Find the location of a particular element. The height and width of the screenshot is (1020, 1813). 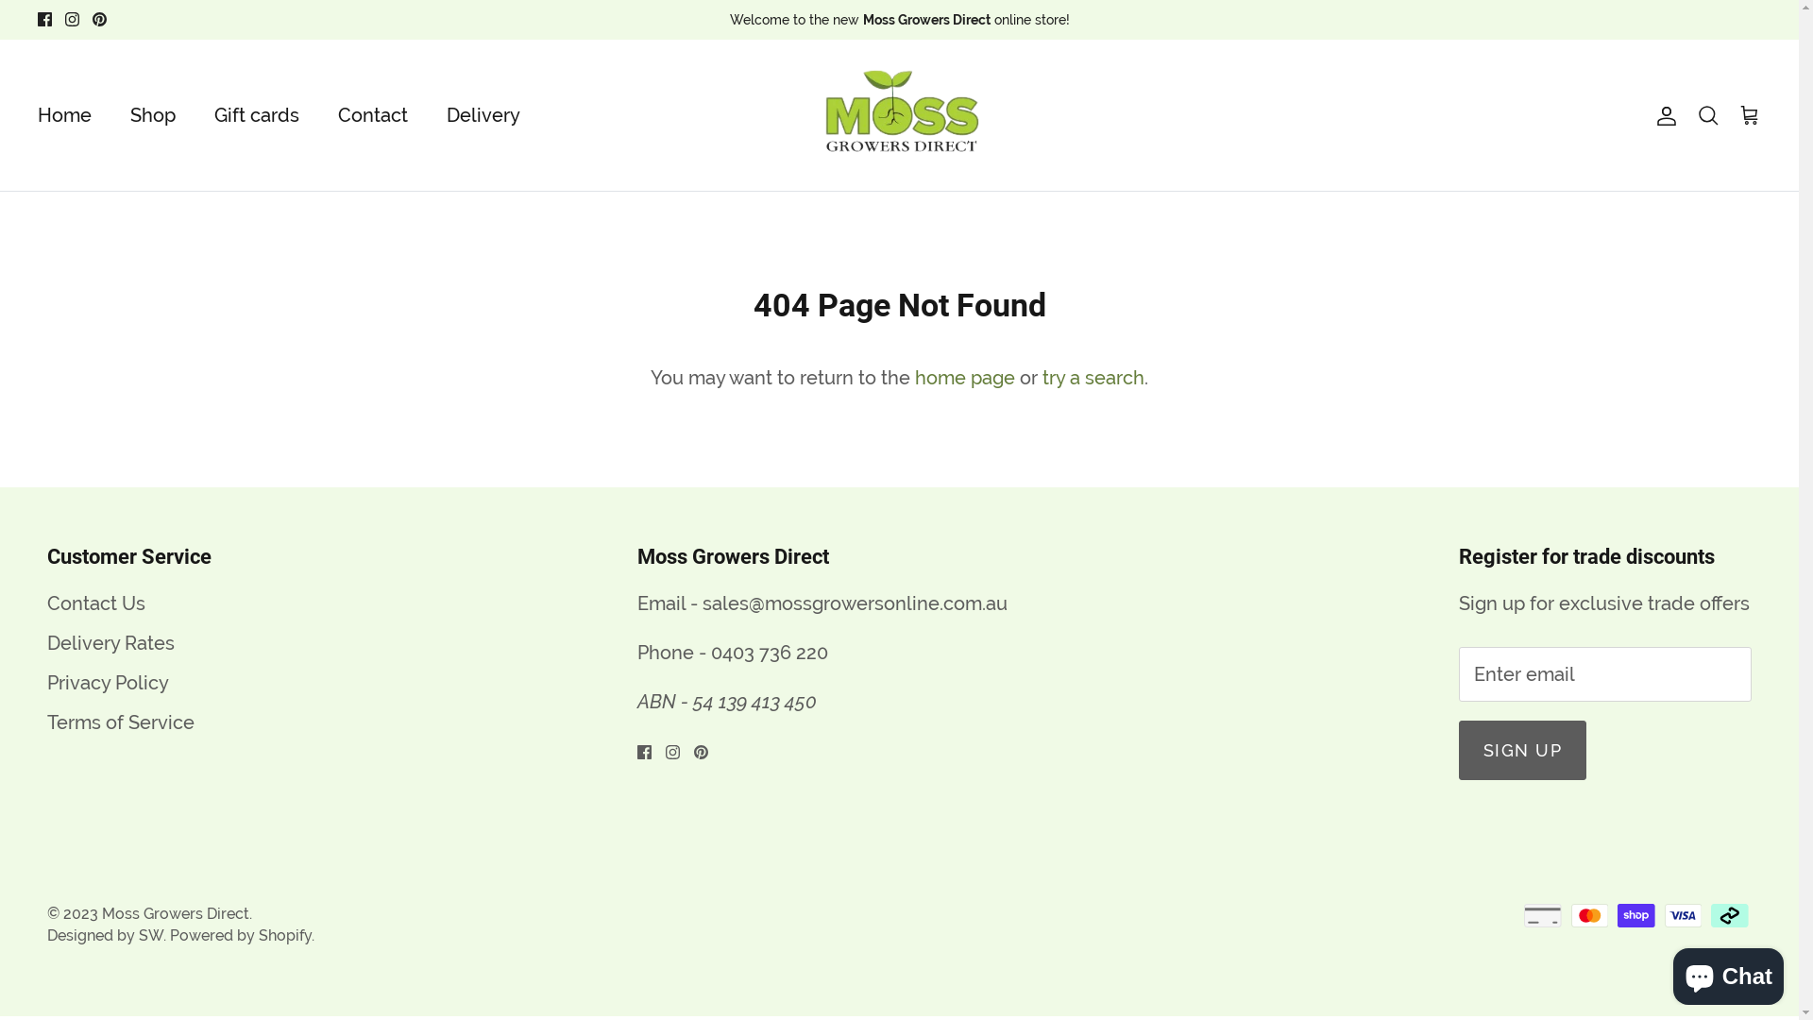

'Contact' is located at coordinates (372, 115).